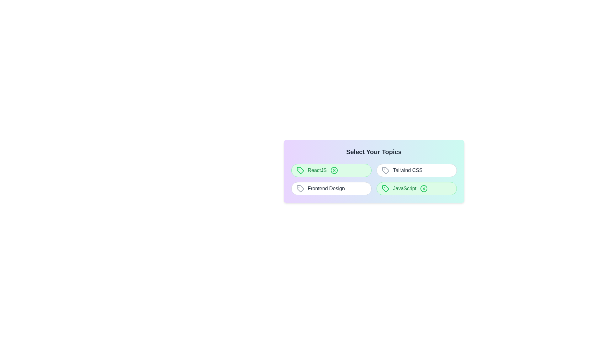 This screenshot has width=602, height=339. I want to click on the topic Tailwind CSS, so click(416, 170).